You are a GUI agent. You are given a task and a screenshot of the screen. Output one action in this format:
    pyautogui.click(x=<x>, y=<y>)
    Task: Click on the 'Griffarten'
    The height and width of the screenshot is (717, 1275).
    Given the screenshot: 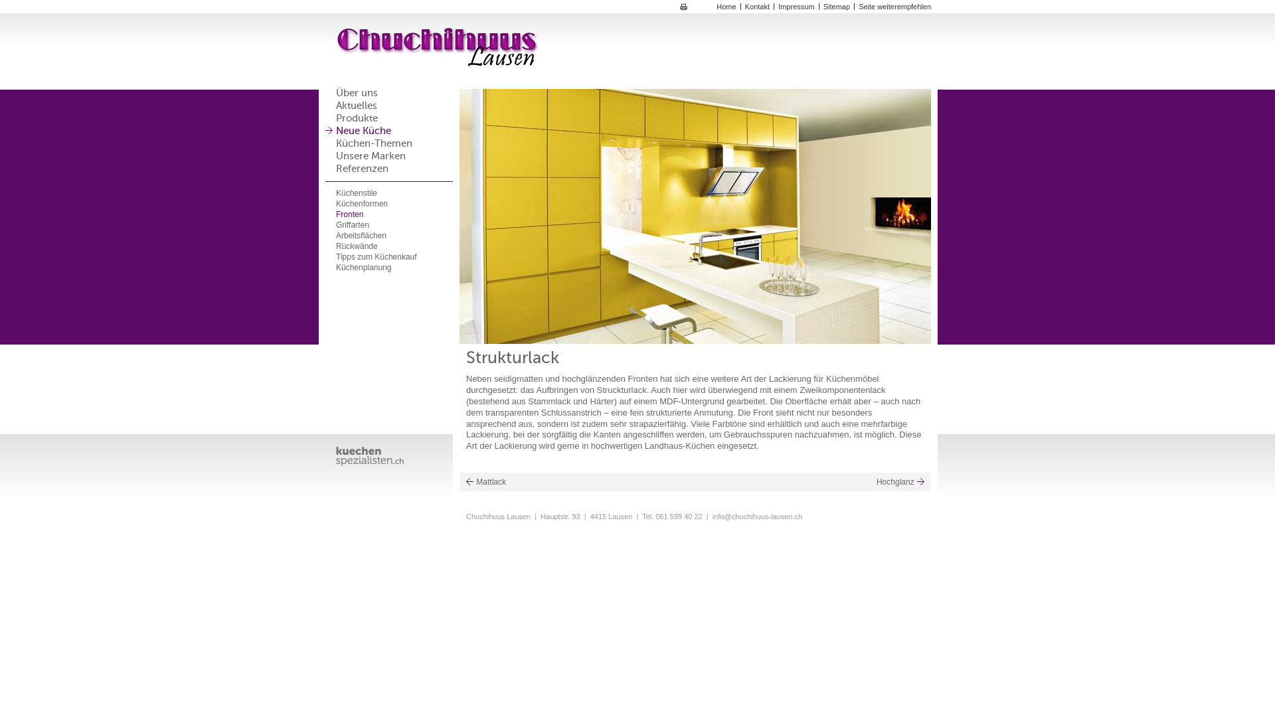 What is the action you would take?
    pyautogui.click(x=335, y=224)
    